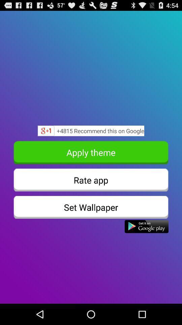 This screenshot has height=325, width=182. What do you see at coordinates (91, 179) in the screenshot?
I see `the button above the set wallpaper icon` at bounding box center [91, 179].